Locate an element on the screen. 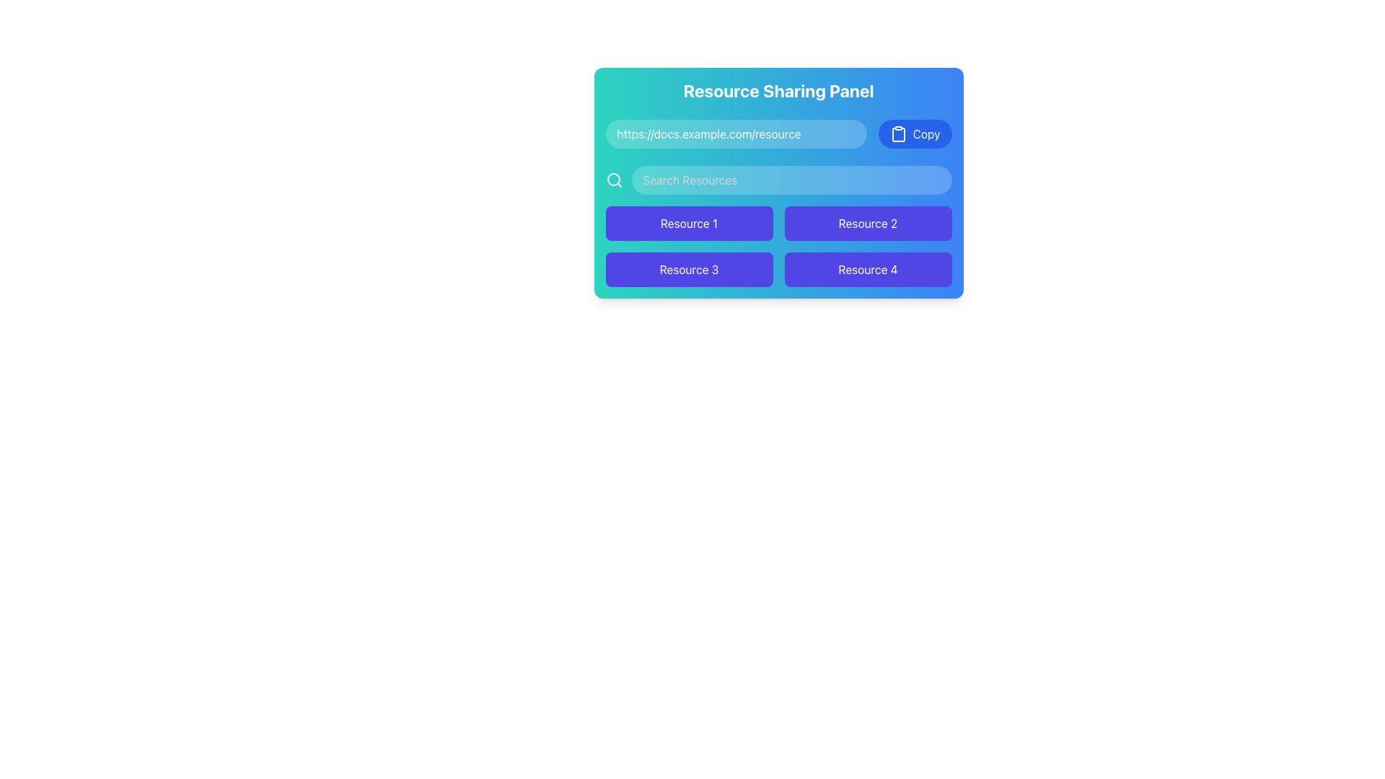 Image resolution: width=1385 pixels, height=779 pixels. the 'Copy' button located in the top-right corner of the Resource Sharing Panel, which contains an icon representing clipboard functionality is located at coordinates (897, 134).